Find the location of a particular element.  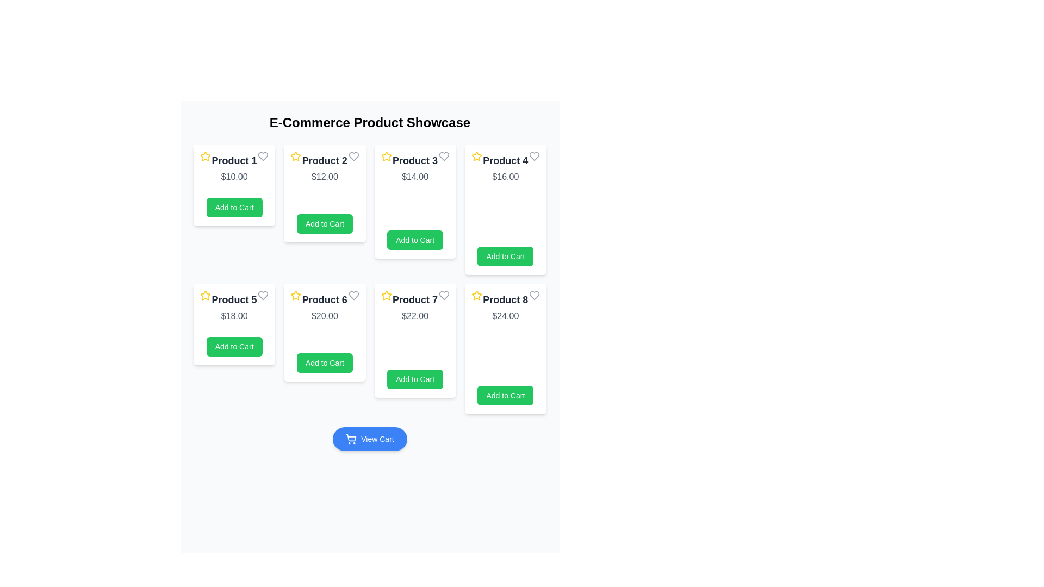

the text label displaying the product name 'Product 8', which is styled in bold, large gray font and located at the top of the product card in the bottom-right corner of the product grid is located at coordinates (505, 299).